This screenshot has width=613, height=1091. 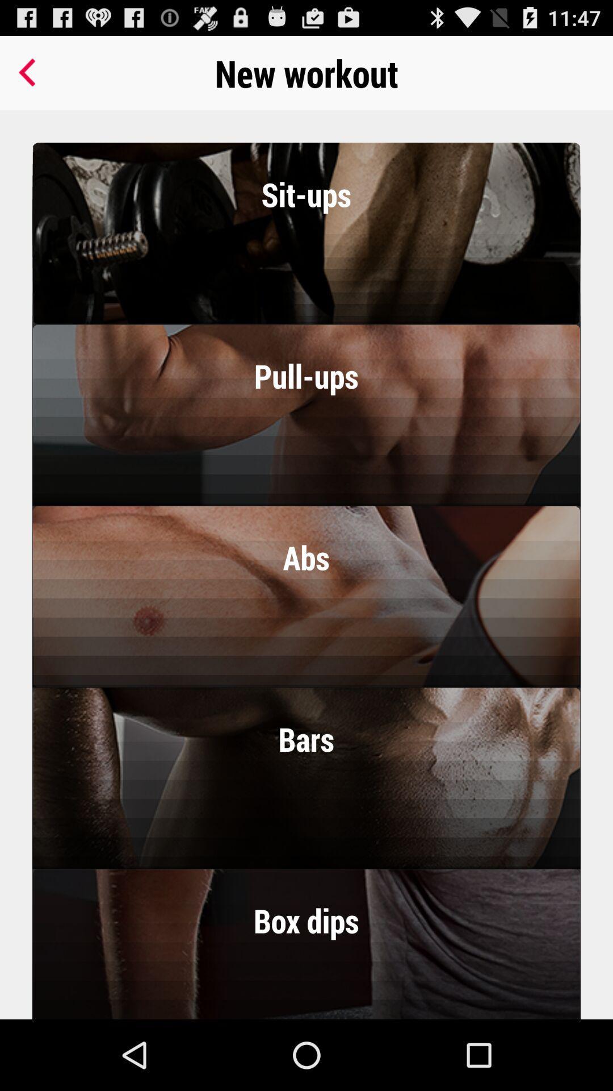 What do you see at coordinates (29, 72) in the screenshot?
I see `the item to the left of the new workout app` at bounding box center [29, 72].